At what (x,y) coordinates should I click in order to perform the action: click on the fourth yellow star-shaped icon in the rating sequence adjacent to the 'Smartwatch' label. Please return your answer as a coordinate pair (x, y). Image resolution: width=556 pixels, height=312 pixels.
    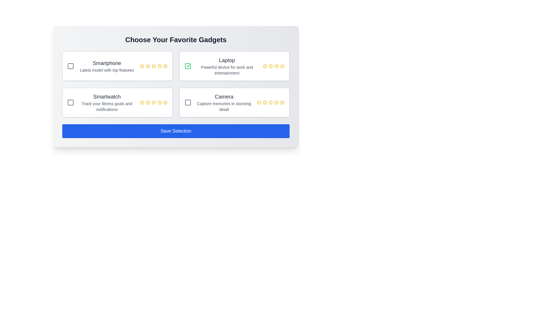
    Looking at the image, I should click on (153, 102).